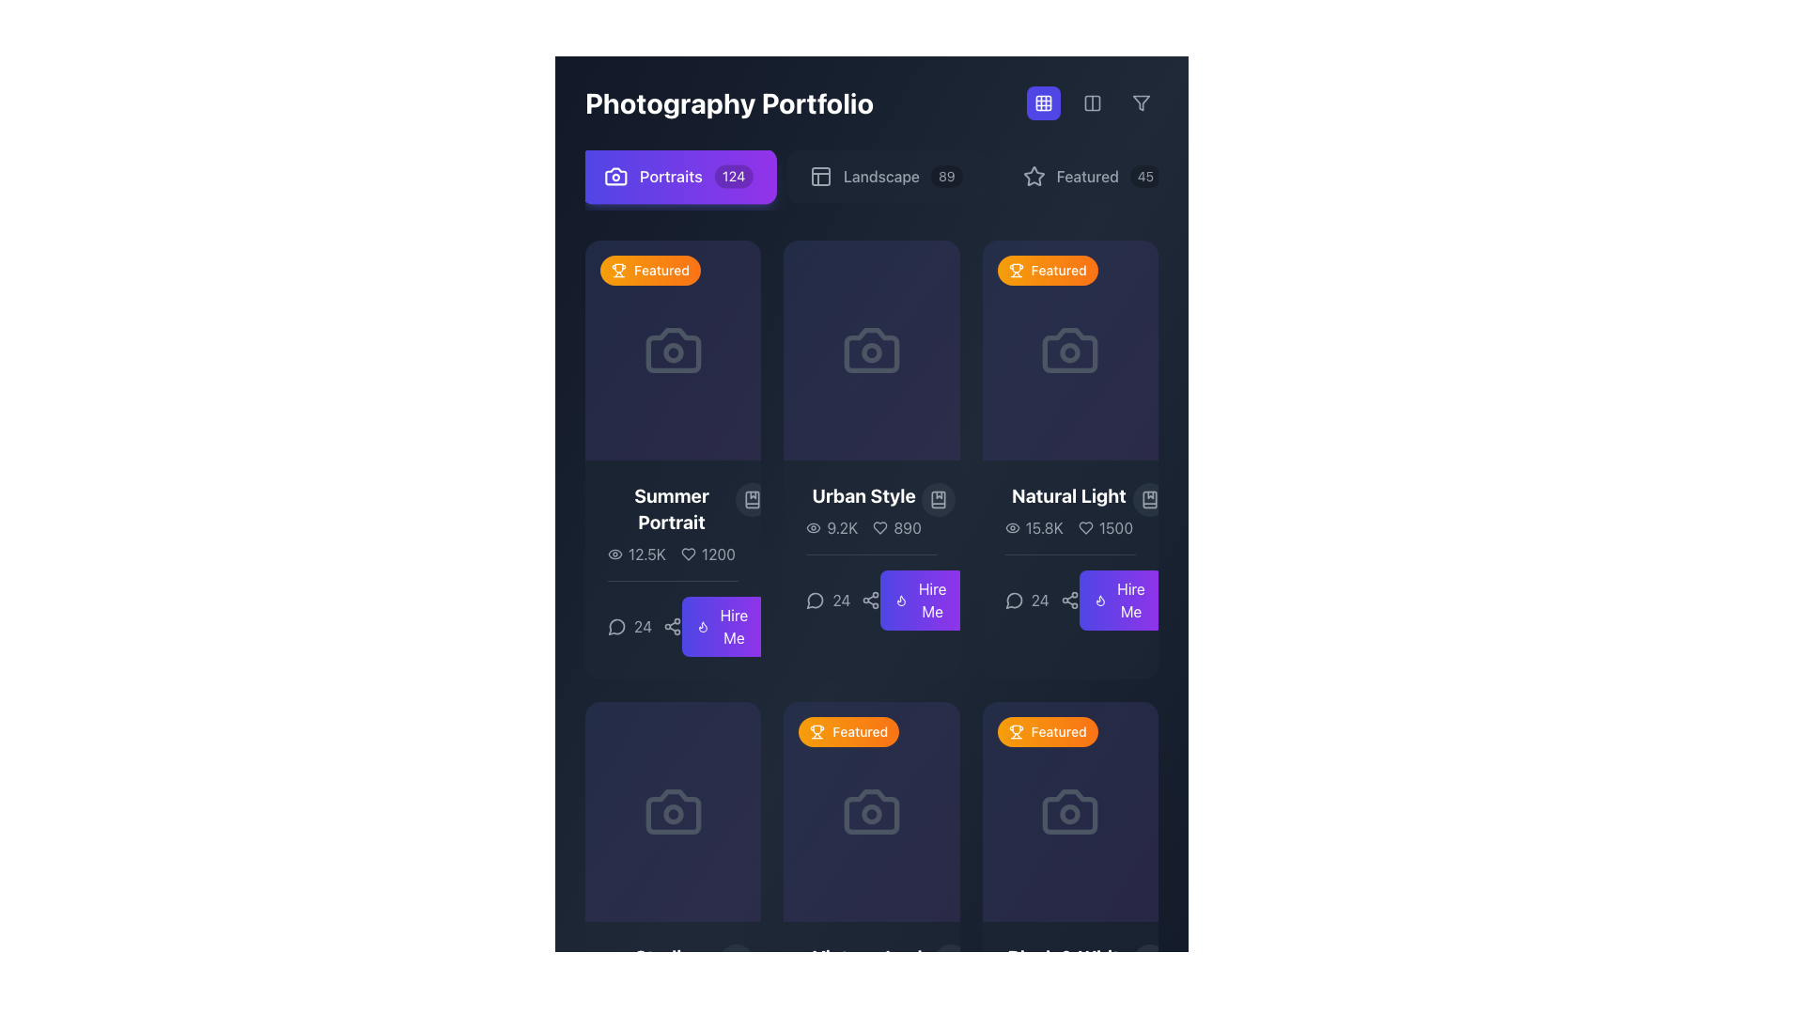  I want to click on the 'Featured' label located at the top-left corner of a card layout, which is part of a badge and centrally positioned within it, so click(1059, 271).